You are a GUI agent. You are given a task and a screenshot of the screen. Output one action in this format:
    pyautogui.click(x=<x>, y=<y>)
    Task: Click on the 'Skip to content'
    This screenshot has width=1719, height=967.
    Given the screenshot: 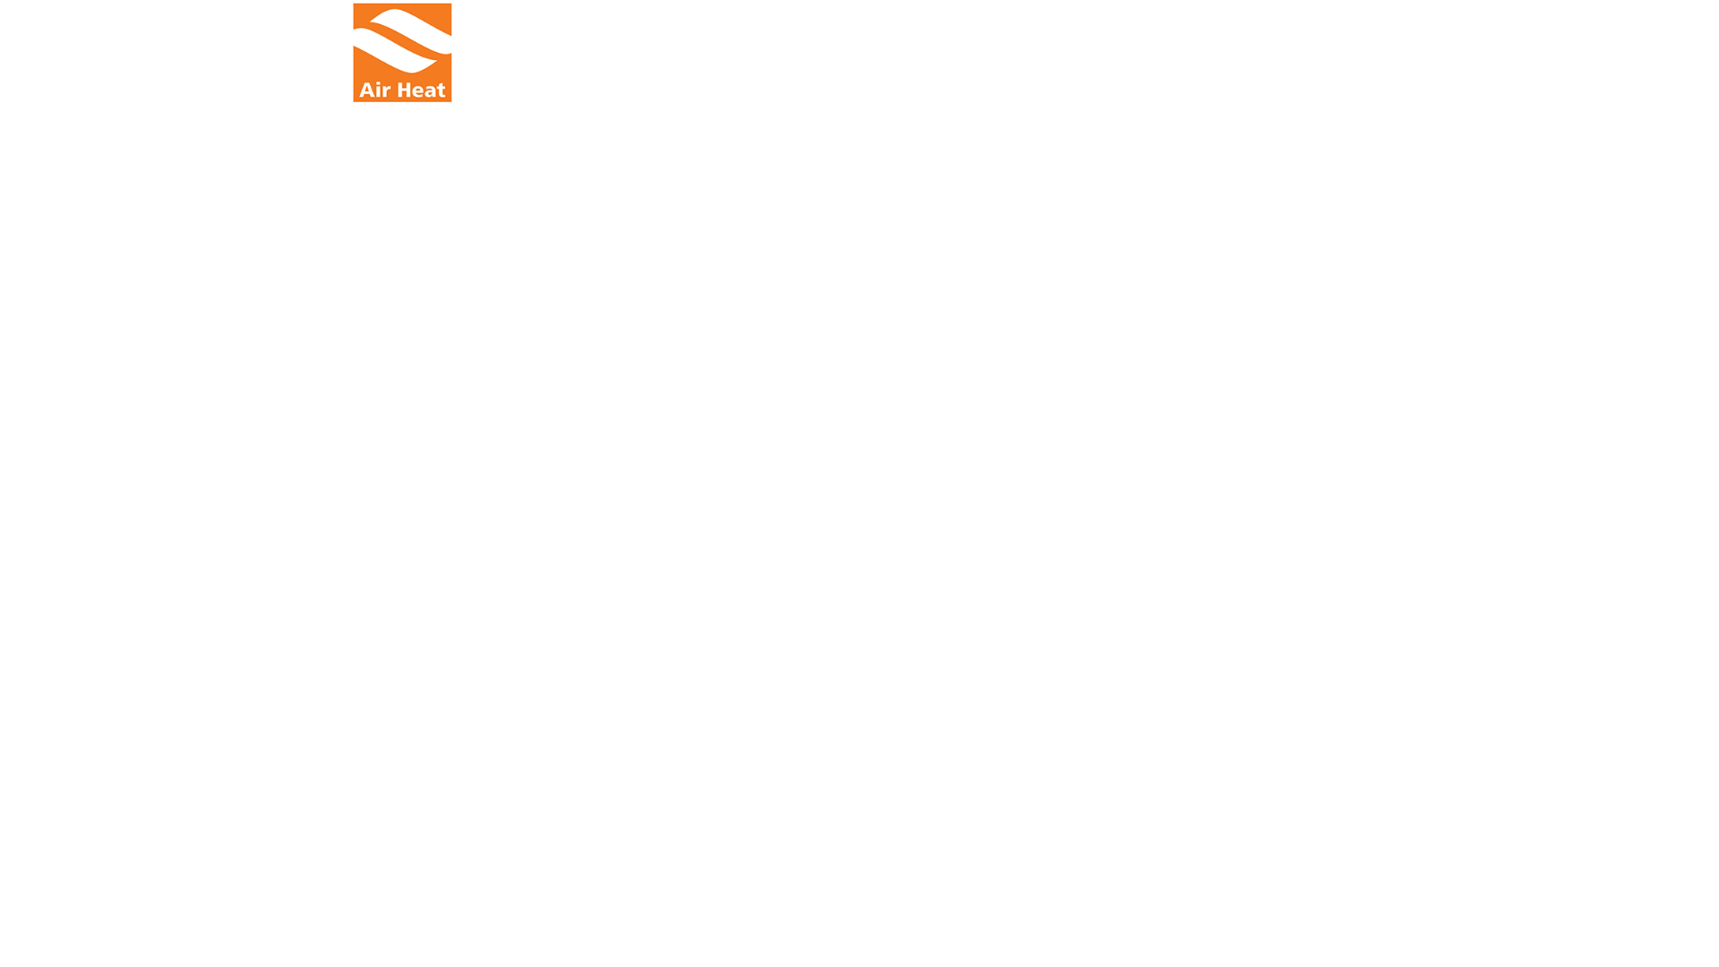 What is the action you would take?
    pyautogui.click(x=50, y=14)
    